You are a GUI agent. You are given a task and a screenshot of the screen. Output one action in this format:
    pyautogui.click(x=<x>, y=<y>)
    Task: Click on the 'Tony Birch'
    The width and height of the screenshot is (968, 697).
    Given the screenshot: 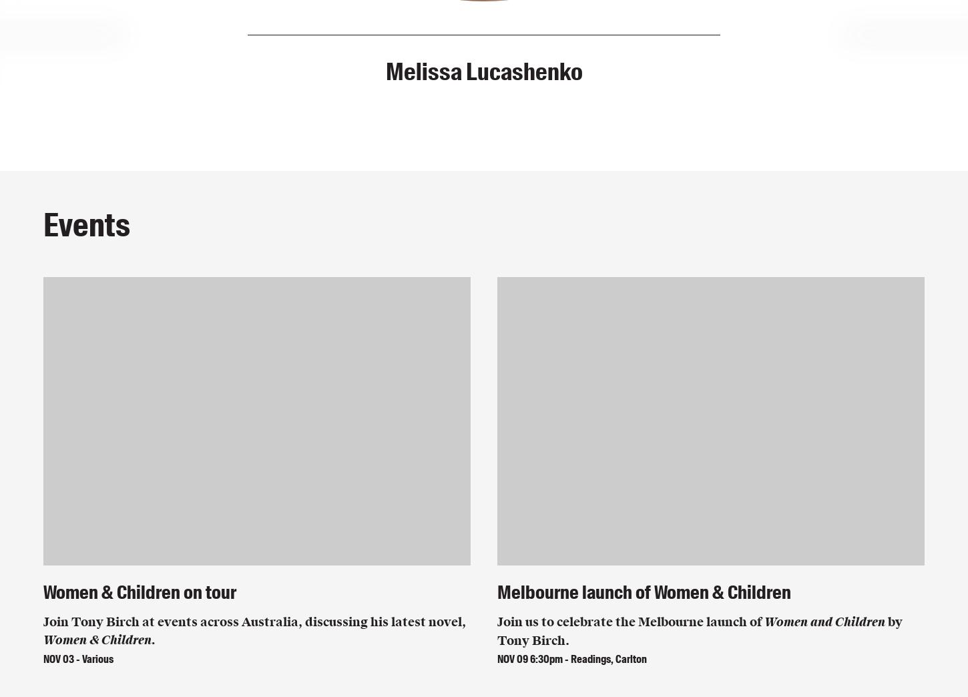 What is the action you would take?
    pyautogui.click(x=484, y=71)
    